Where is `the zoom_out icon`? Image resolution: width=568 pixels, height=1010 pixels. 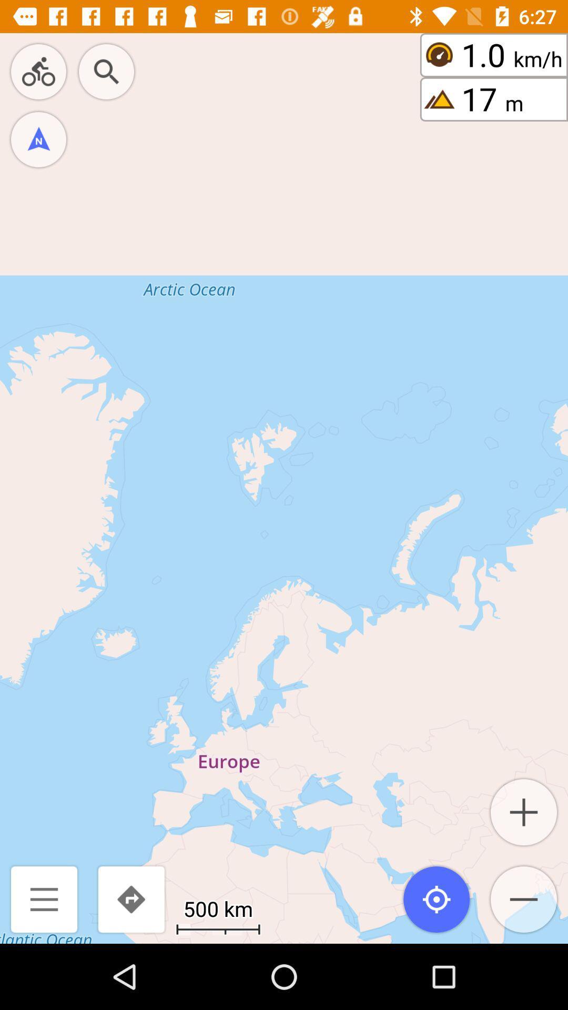 the zoom_out icon is located at coordinates (523, 898).